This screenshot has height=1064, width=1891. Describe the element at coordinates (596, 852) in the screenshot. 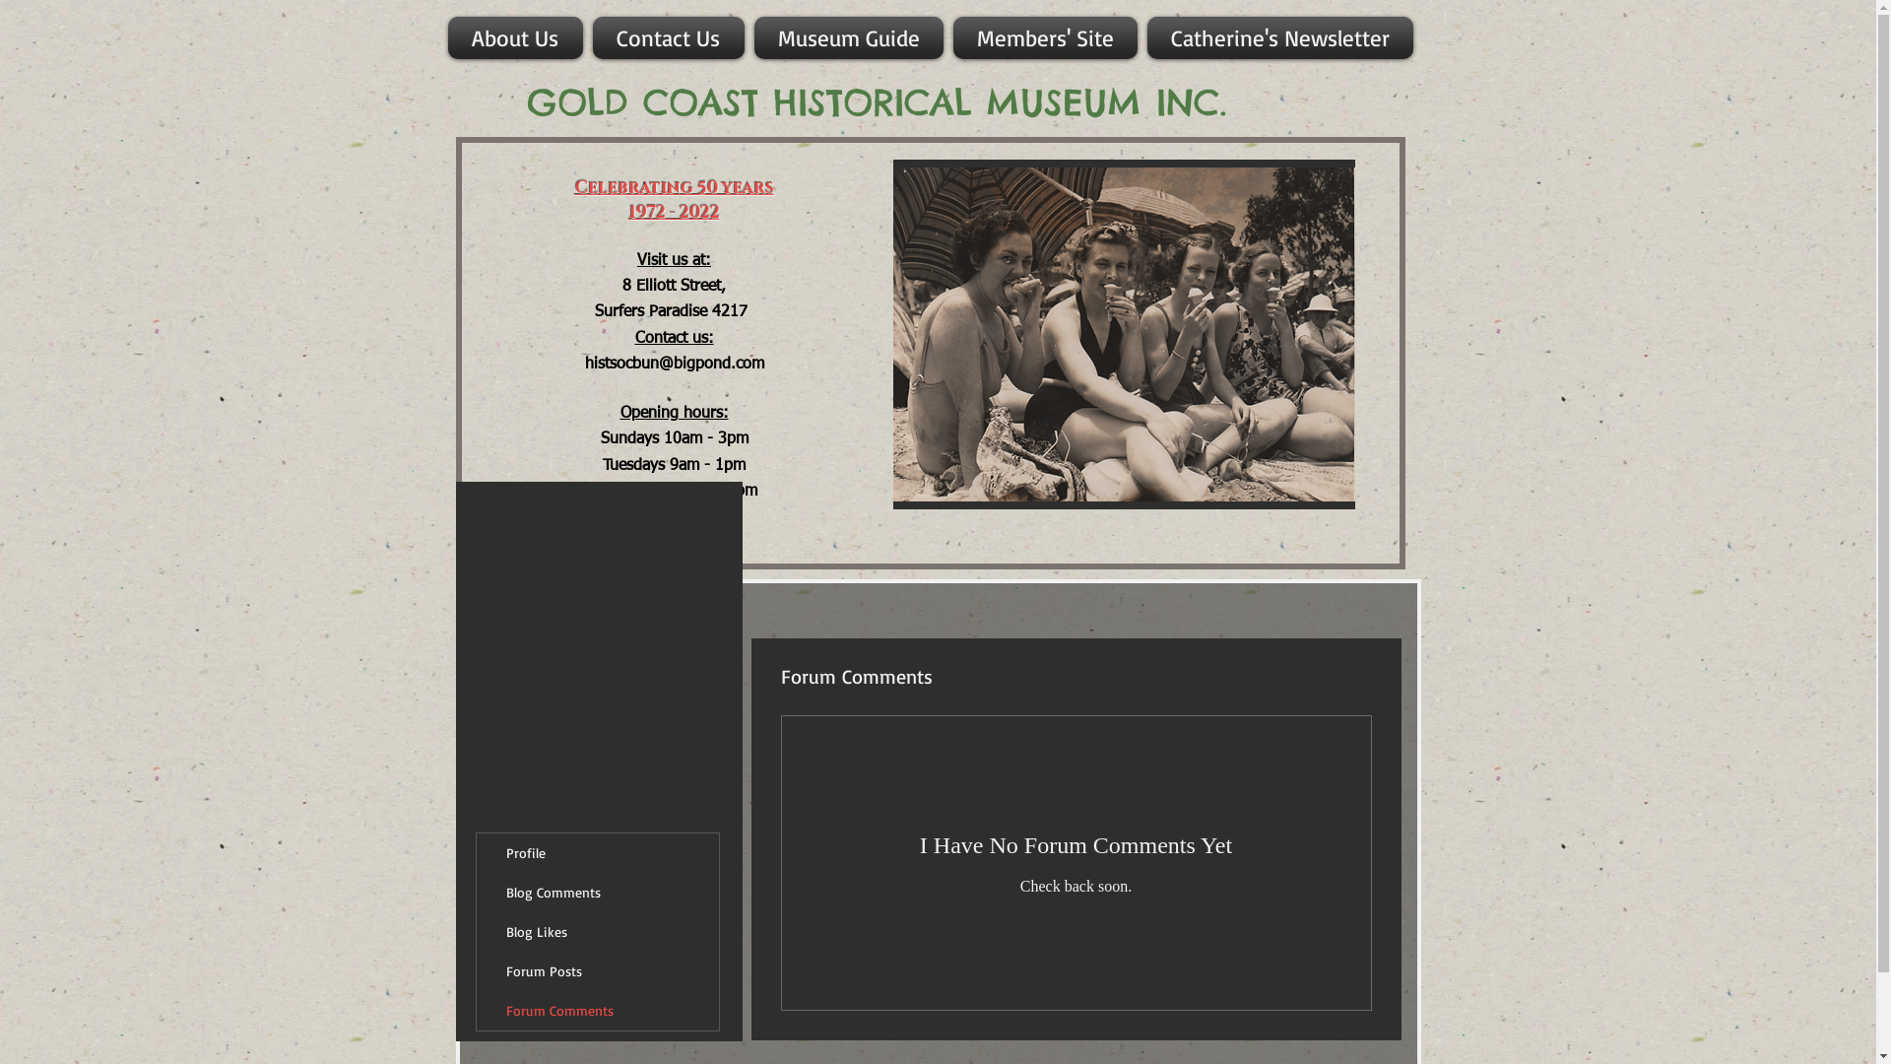

I see `'Profile'` at that location.